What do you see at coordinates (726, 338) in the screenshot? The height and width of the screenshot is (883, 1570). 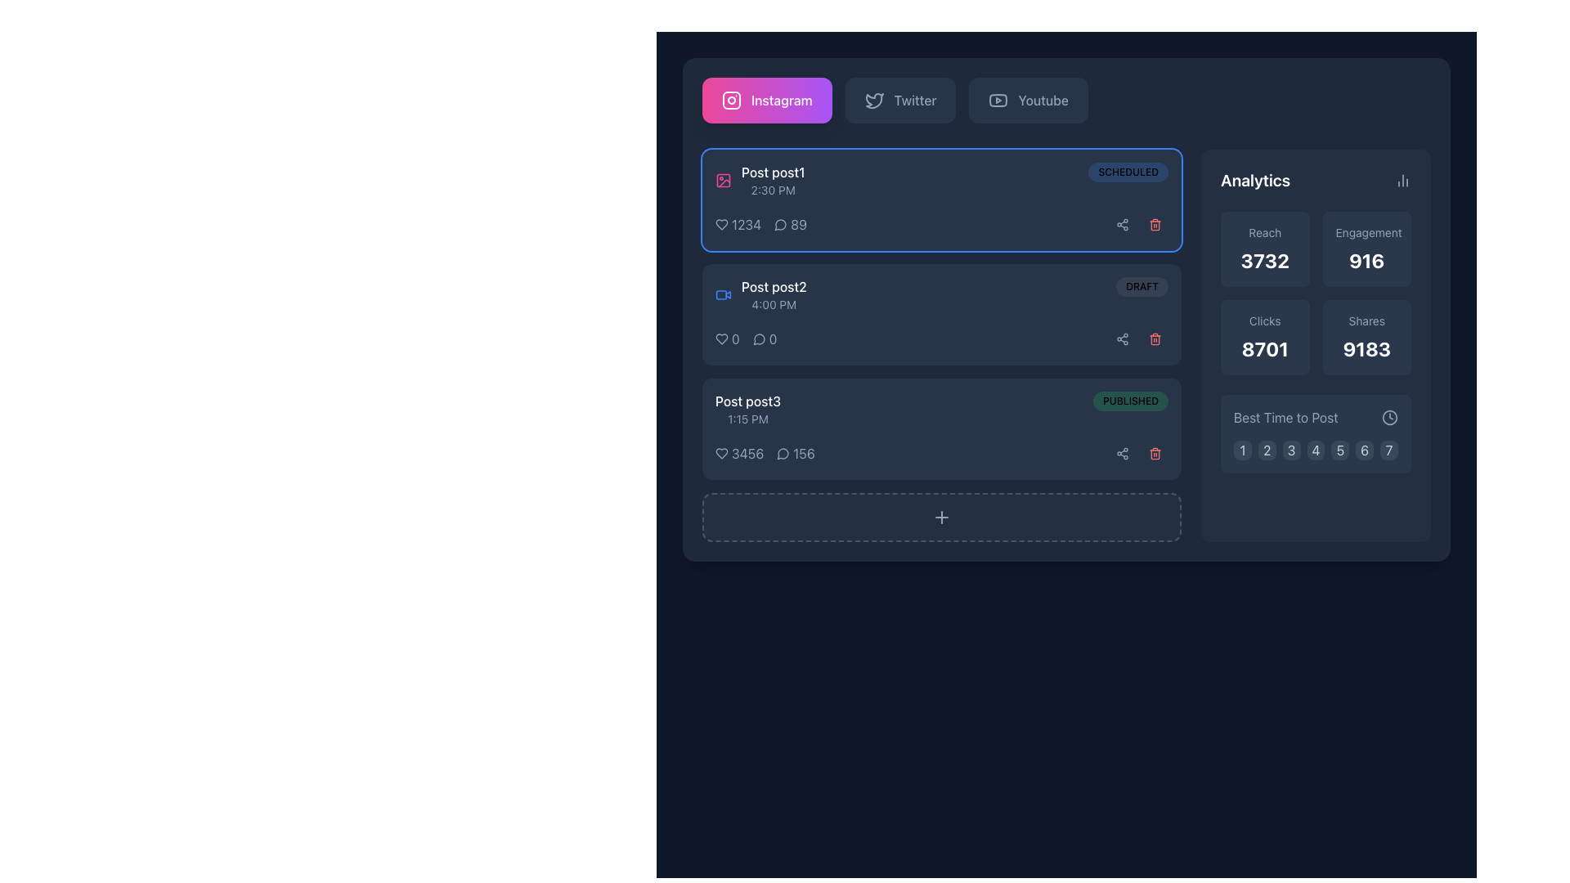 I see `the numeric display indicating the number of likes for 'Post post2', located first in the row of counters below the post section` at bounding box center [726, 338].